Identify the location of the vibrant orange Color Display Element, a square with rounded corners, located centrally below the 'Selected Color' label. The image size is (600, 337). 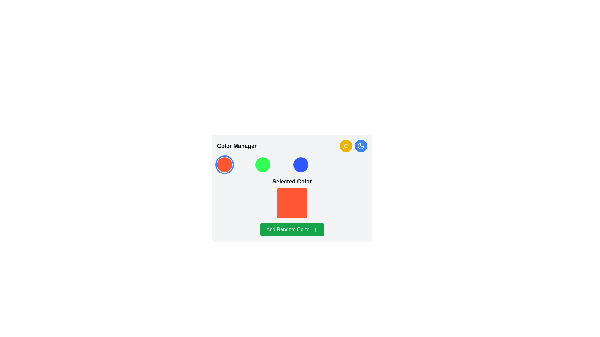
(292, 203).